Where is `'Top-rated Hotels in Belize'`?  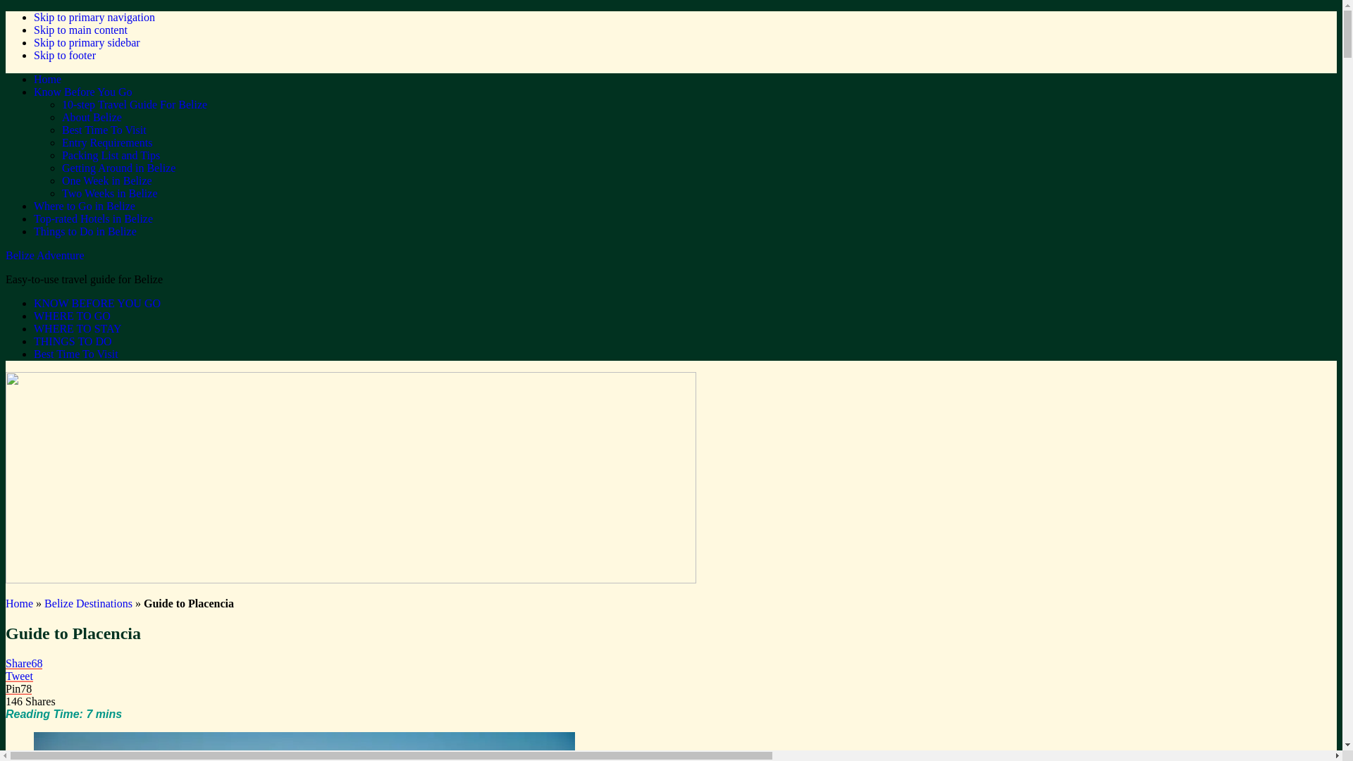
'Top-rated Hotels in Belize' is located at coordinates (34, 218).